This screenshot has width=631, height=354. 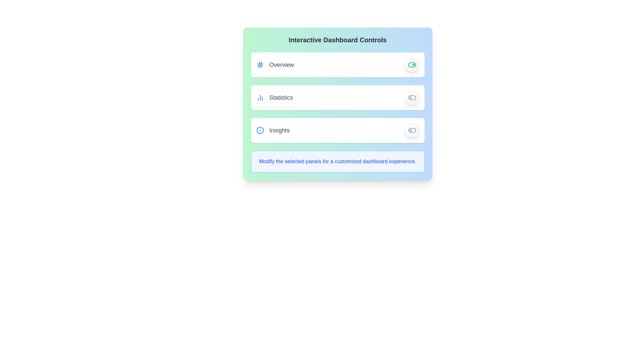 I want to click on the toggle switch component's background or track element, which is the third toggle in a vertical list located inside the 'Insights' panel, so click(x=411, y=130).